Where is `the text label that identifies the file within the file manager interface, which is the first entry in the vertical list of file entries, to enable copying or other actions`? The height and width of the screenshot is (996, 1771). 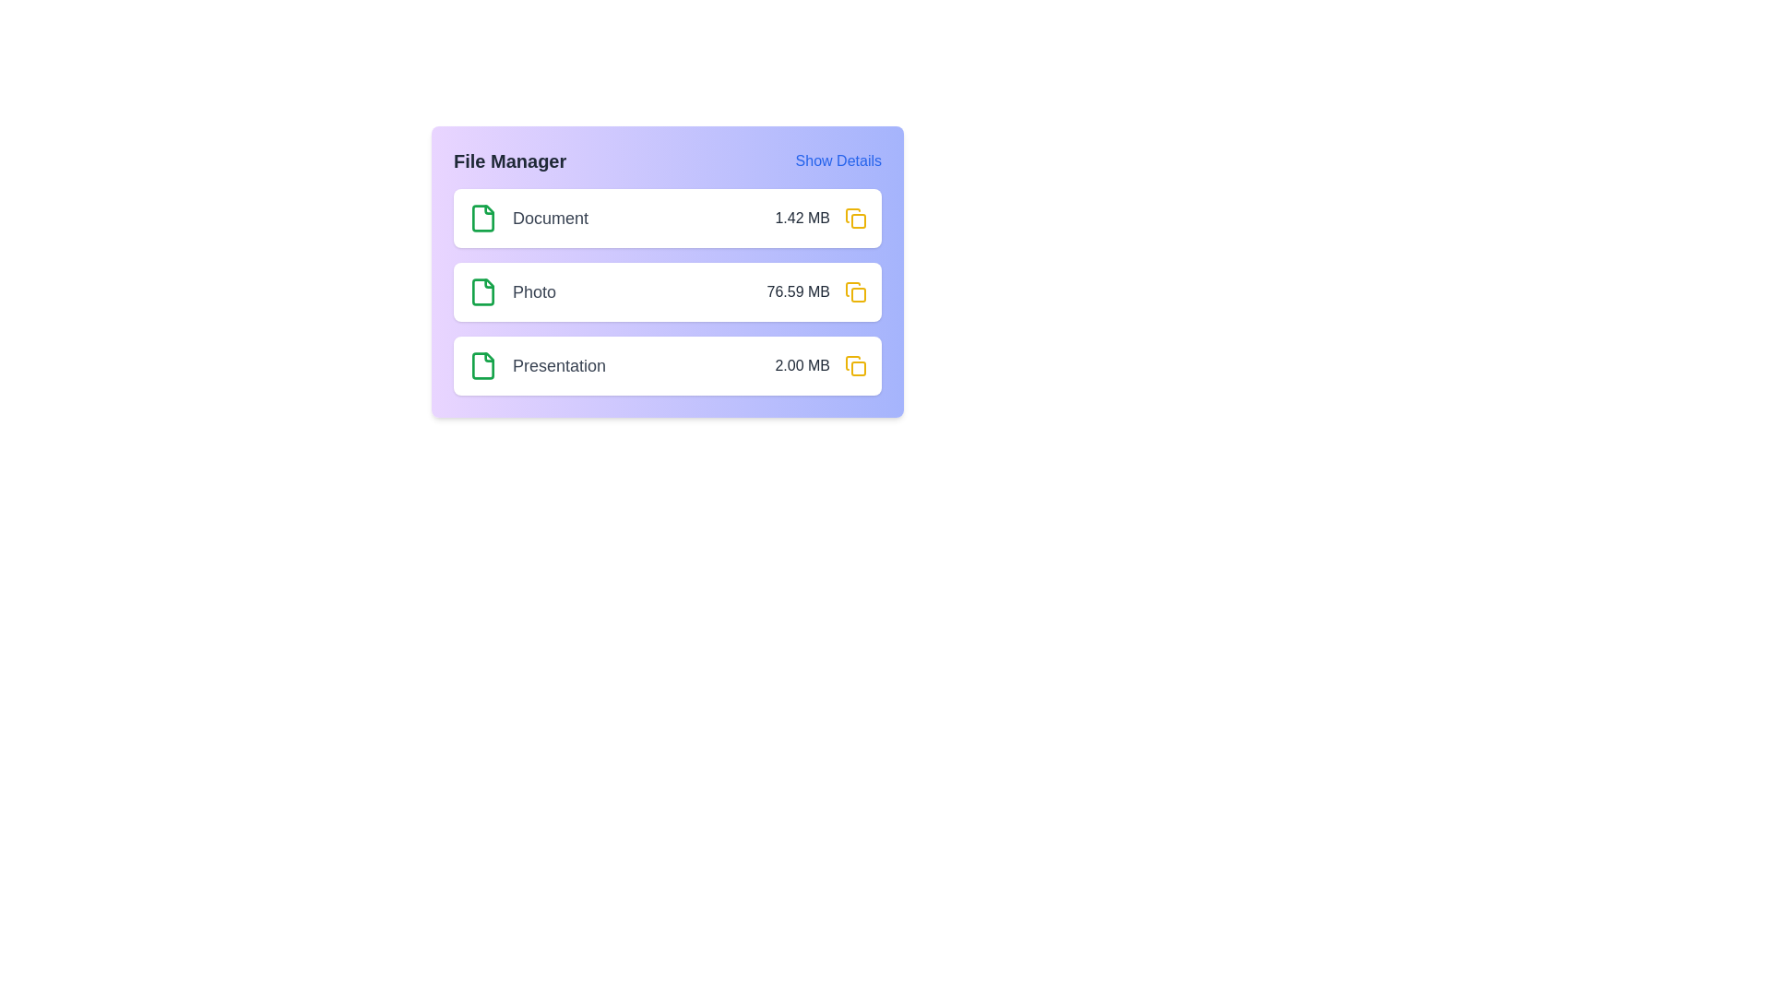 the text label that identifies the file within the file manager interface, which is the first entry in the vertical list of file entries, to enable copying or other actions is located at coordinates (549, 217).